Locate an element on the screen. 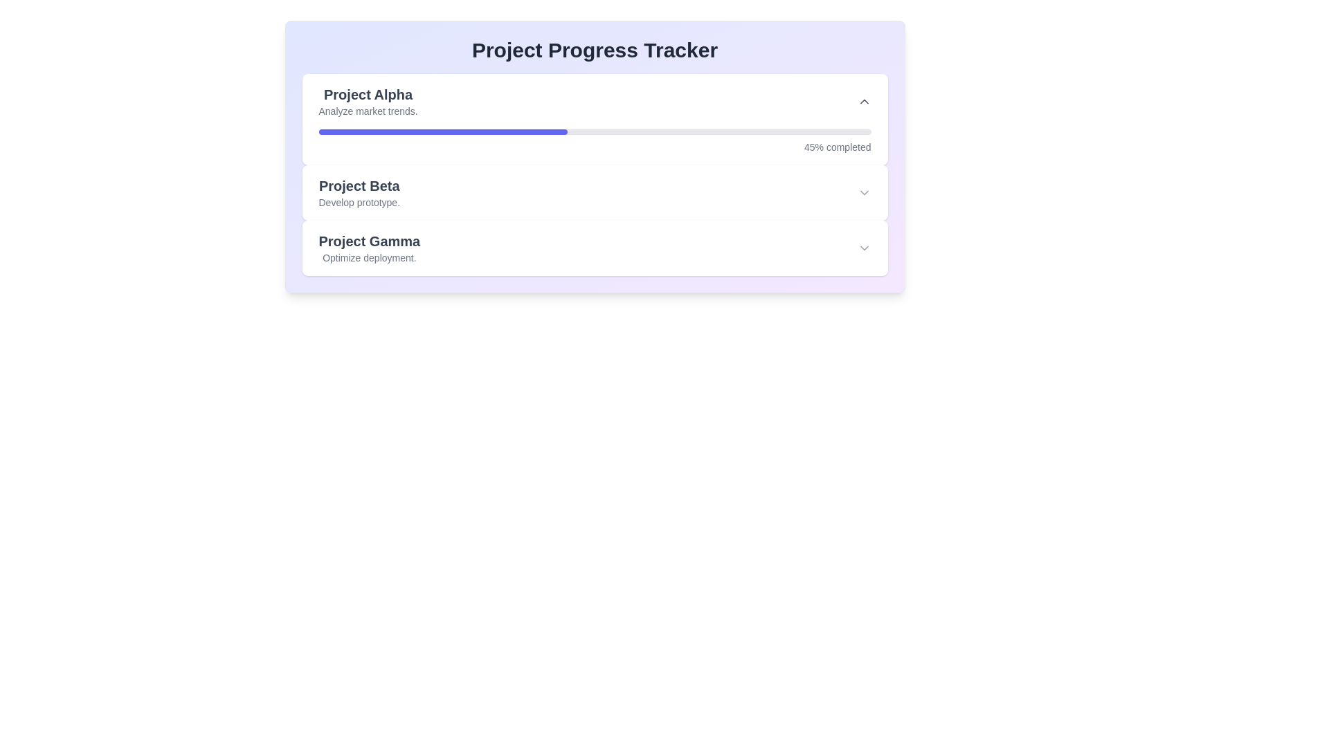  text from the 'Project Alpha' text label, which includes the title in large, bold font and the description in a smaller, subdued gray color, located in the first project card is located at coordinates (368, 100).